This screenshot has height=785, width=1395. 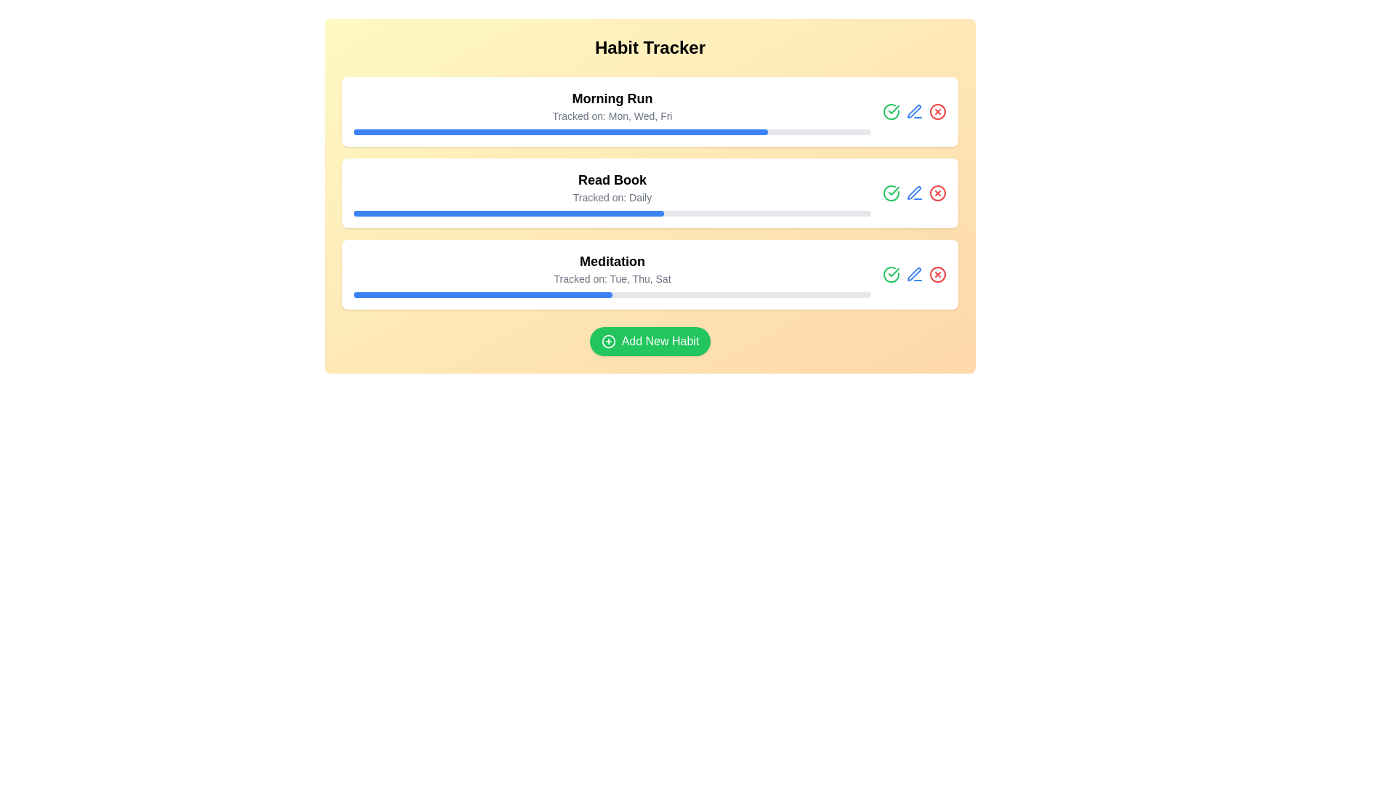 What do you see at coordinates (384, 213) in the screenshot?
I see `the progress bar` at bounding box center [384, 213].